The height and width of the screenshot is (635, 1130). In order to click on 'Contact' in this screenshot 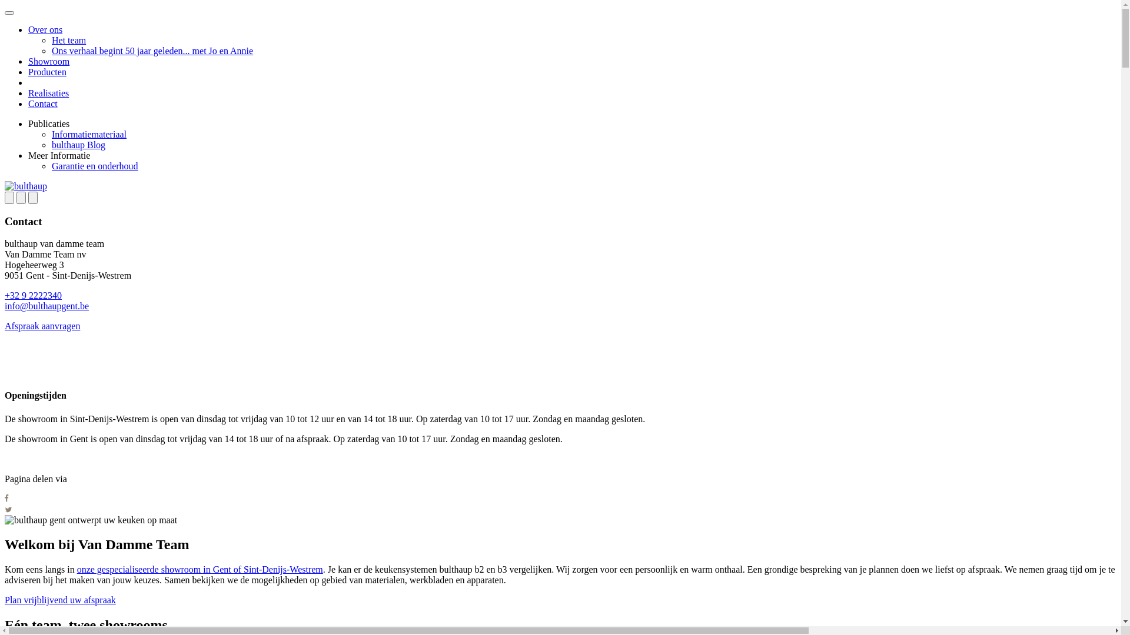, I will do `click(42, 103)`.